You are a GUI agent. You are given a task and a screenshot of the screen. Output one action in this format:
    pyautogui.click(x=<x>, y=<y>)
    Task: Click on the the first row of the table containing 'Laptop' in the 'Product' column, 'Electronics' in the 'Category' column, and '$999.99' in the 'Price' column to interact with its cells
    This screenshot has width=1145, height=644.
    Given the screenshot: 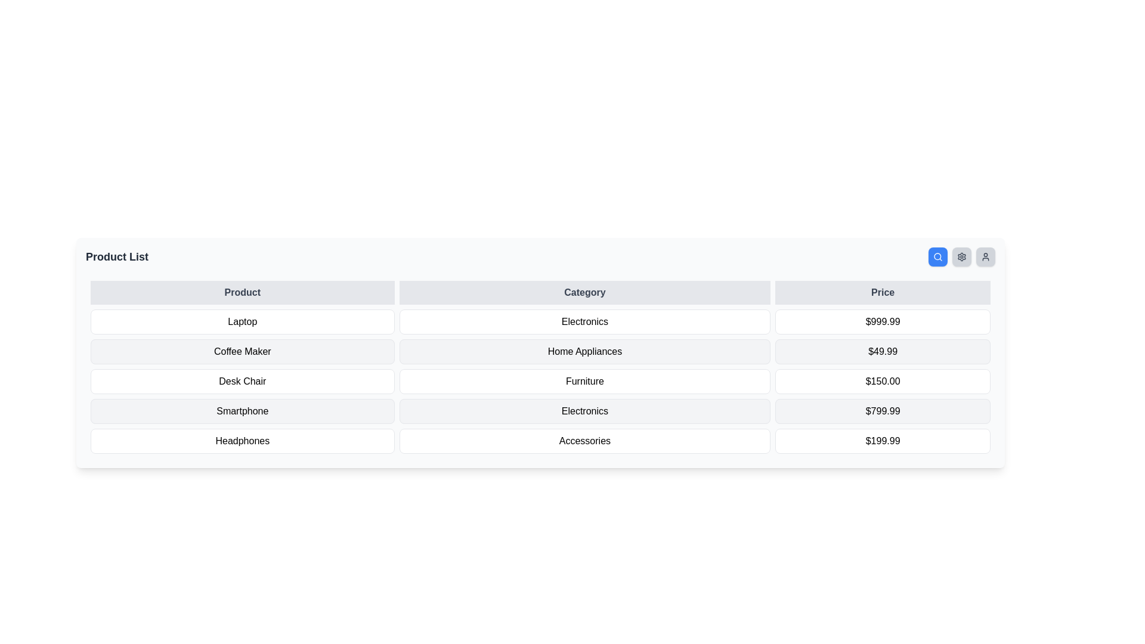 What is the action you would take?
    pyautogui.click(x=540, y=322)
    